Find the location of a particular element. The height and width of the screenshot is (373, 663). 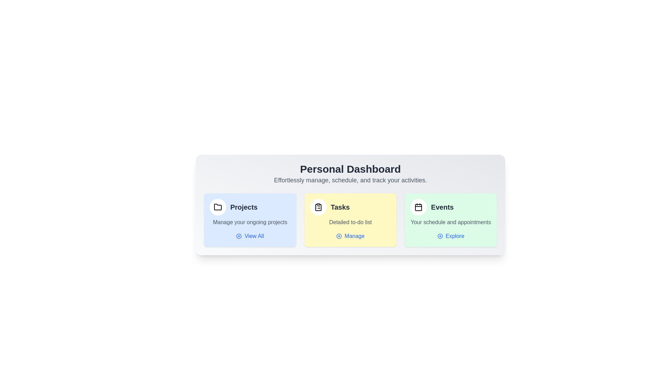

the 'Explore' button in the 'Events' section is located at coordinates (451, 236).